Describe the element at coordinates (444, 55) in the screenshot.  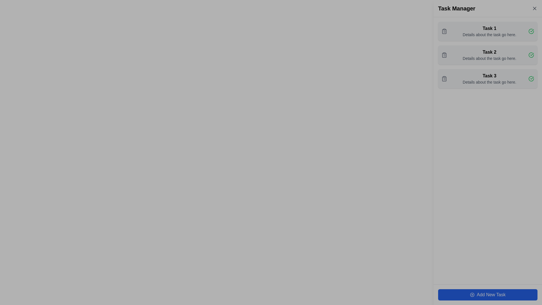
I see `the leftmost icon representing 'Task 2' in the task item panel, which visually indicates the task` at that location.